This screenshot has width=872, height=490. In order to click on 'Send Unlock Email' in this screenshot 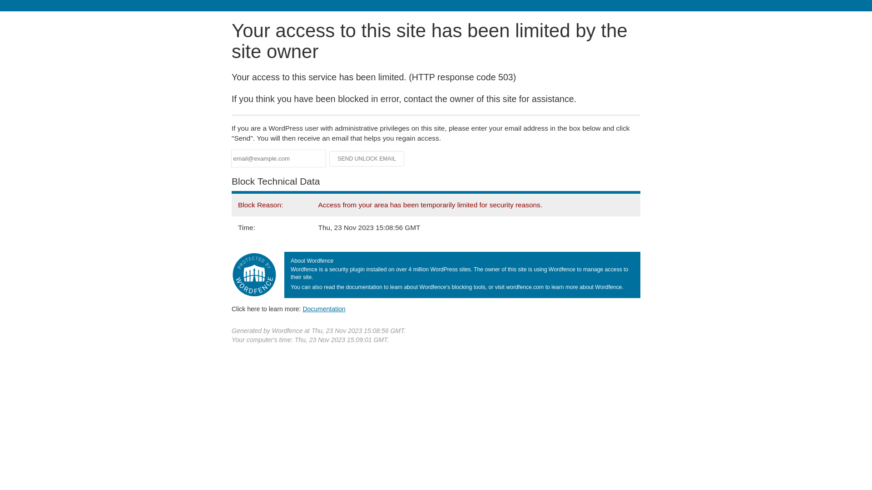, I will do `click(367, 158)`.